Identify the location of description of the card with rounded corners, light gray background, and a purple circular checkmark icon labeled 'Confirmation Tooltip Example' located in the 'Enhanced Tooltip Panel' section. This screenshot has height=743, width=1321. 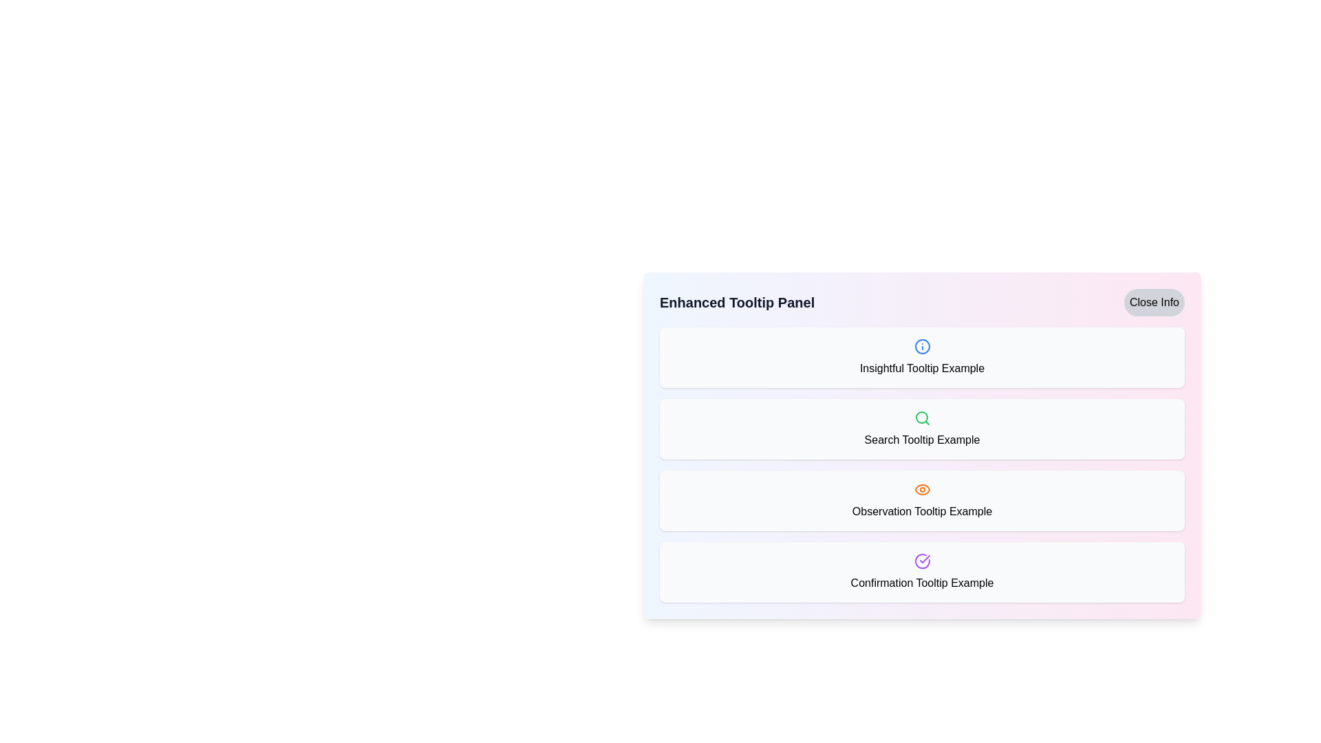
(922, 572).